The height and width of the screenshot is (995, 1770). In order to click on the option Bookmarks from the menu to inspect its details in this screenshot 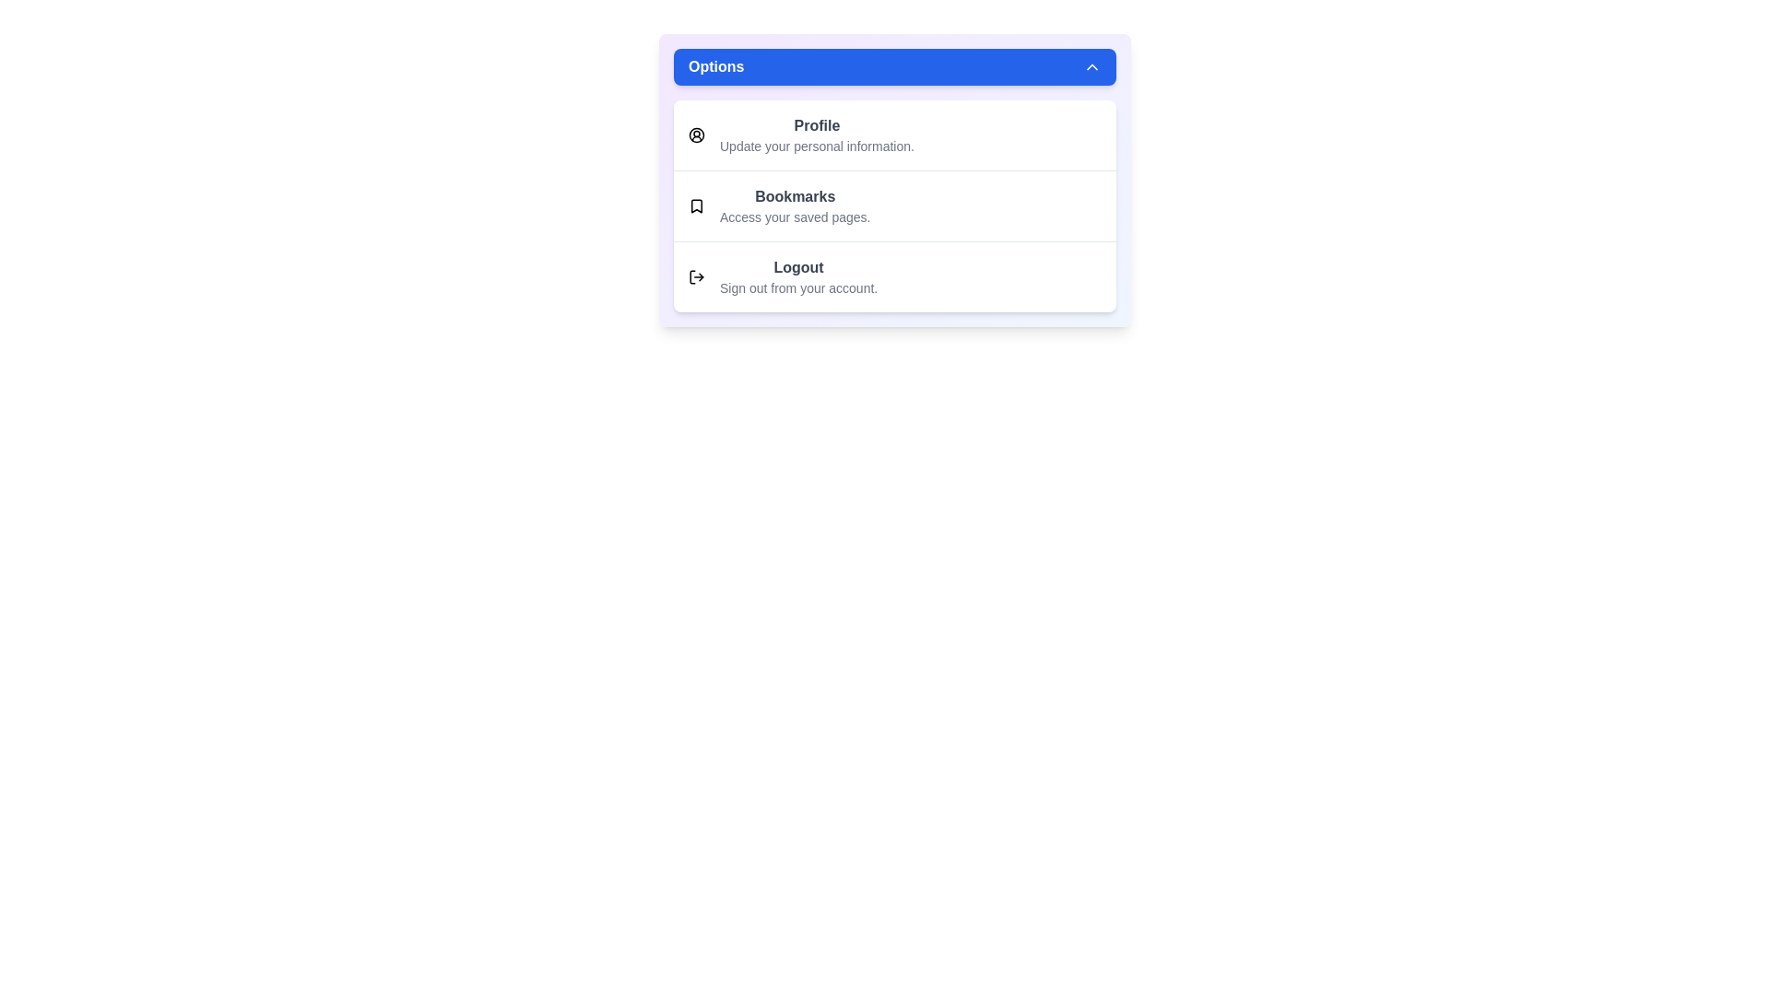, I will do `click(894, 205)`.